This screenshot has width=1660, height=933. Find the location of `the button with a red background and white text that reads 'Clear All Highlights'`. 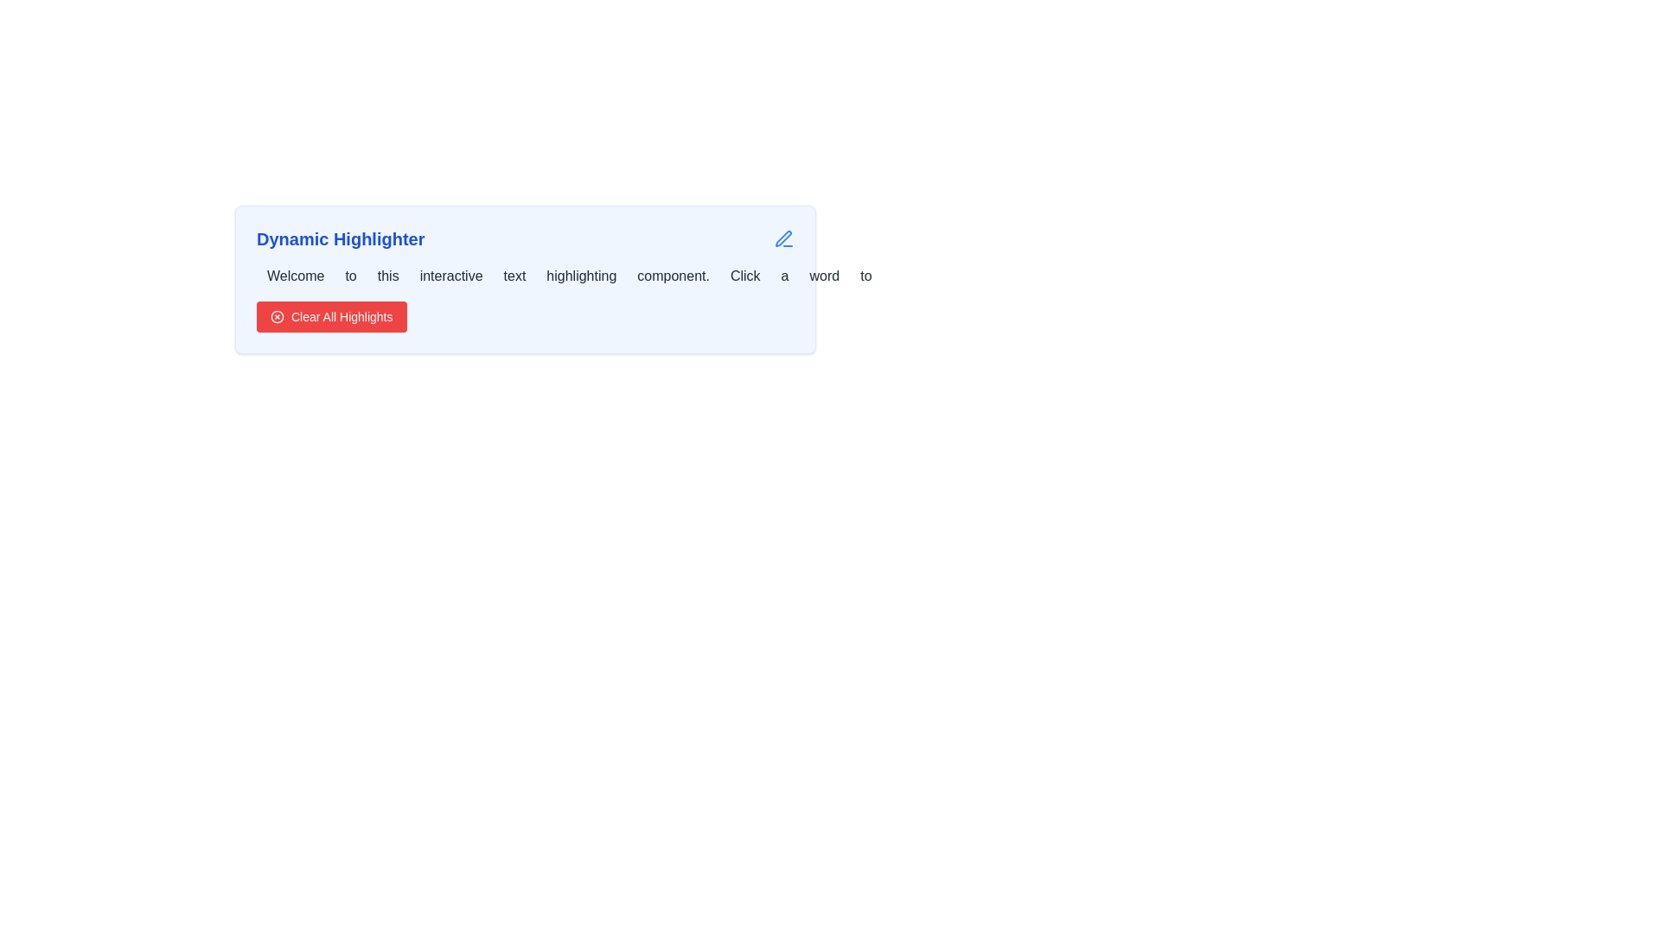

the button with a red background and white text that reads 'Clear All Highlights' is located at coordinates (331, 316).